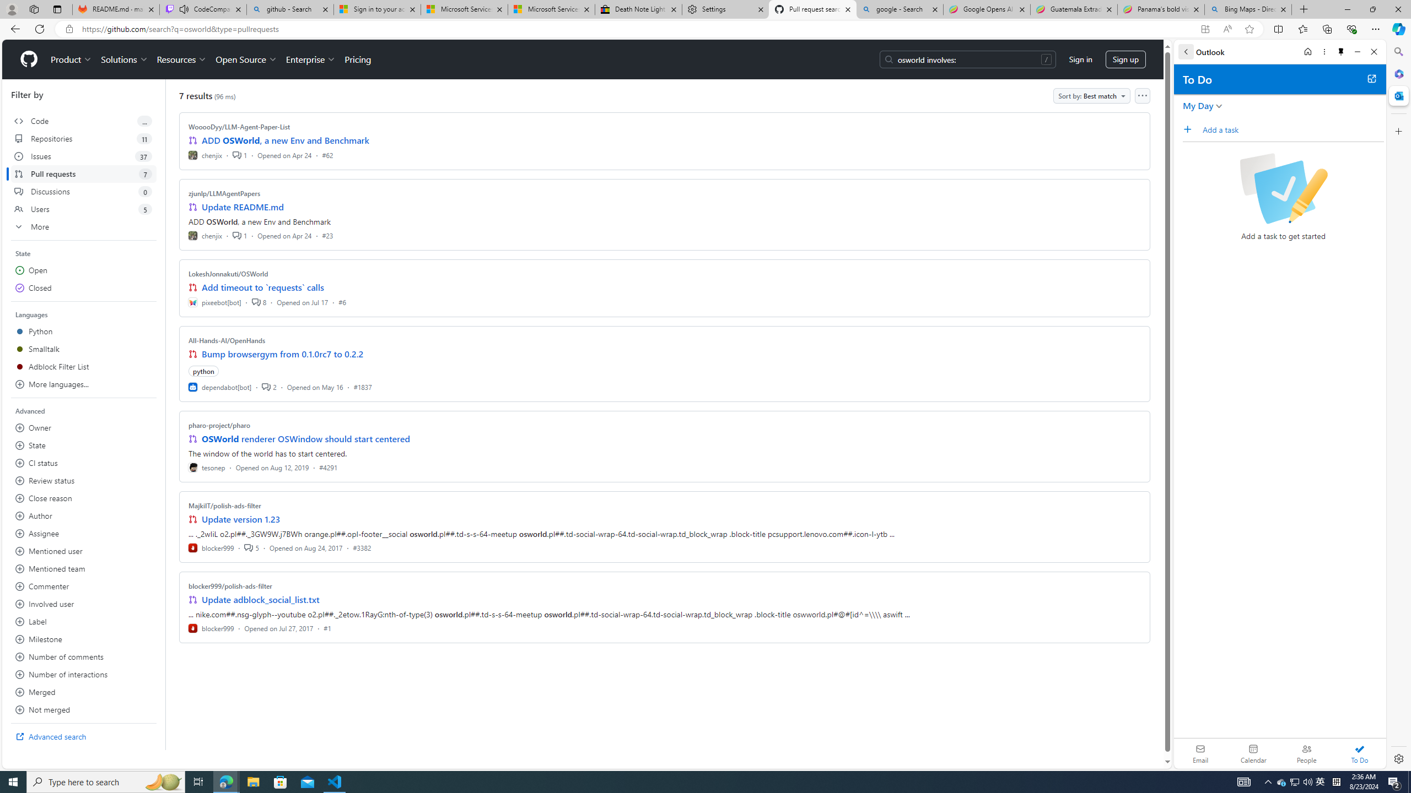  Describe the element at coordinates (1306, 753) in the screenshot. I see `'People'` at that location.